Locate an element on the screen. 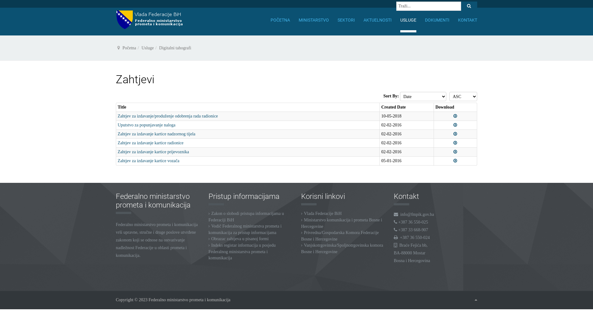 Image resolution: width=593 pixels, height=333 pixels. 'AKTUELNOSTI' is located at coordinates (363, 20).